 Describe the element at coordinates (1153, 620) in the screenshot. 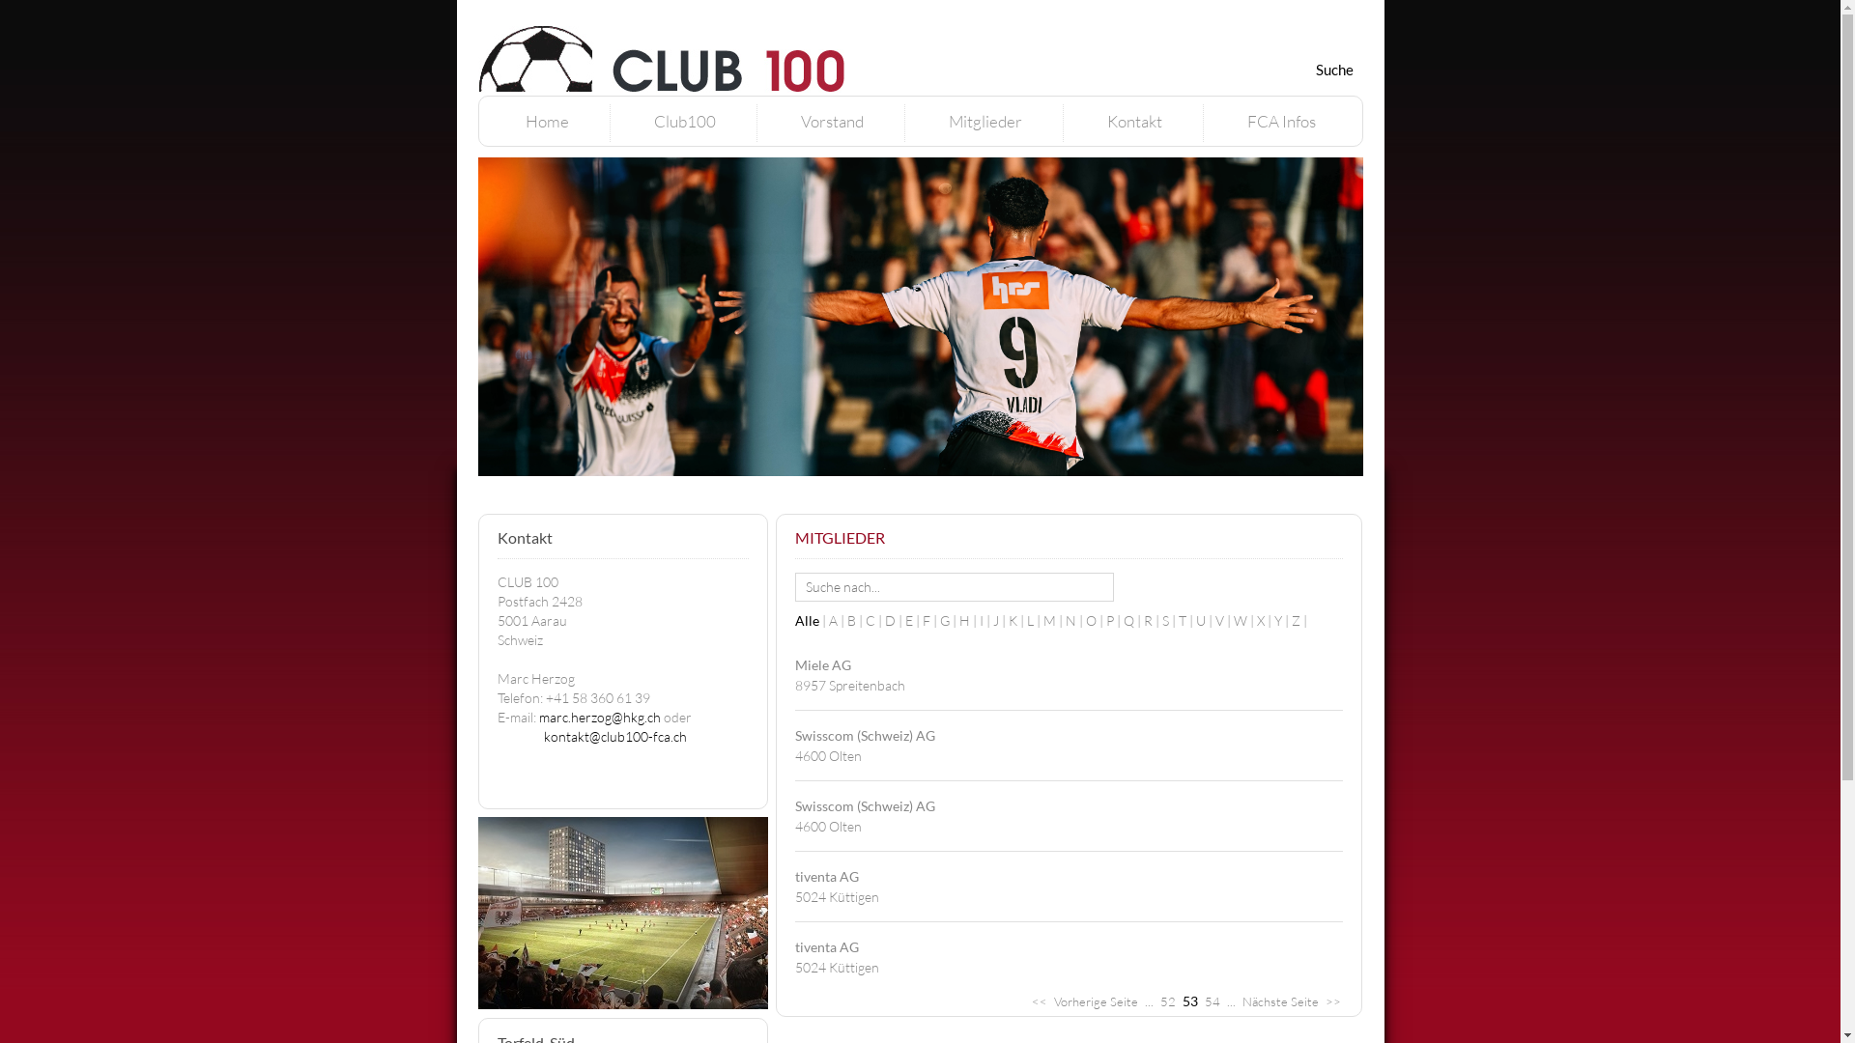

I see `'R'` at that location.